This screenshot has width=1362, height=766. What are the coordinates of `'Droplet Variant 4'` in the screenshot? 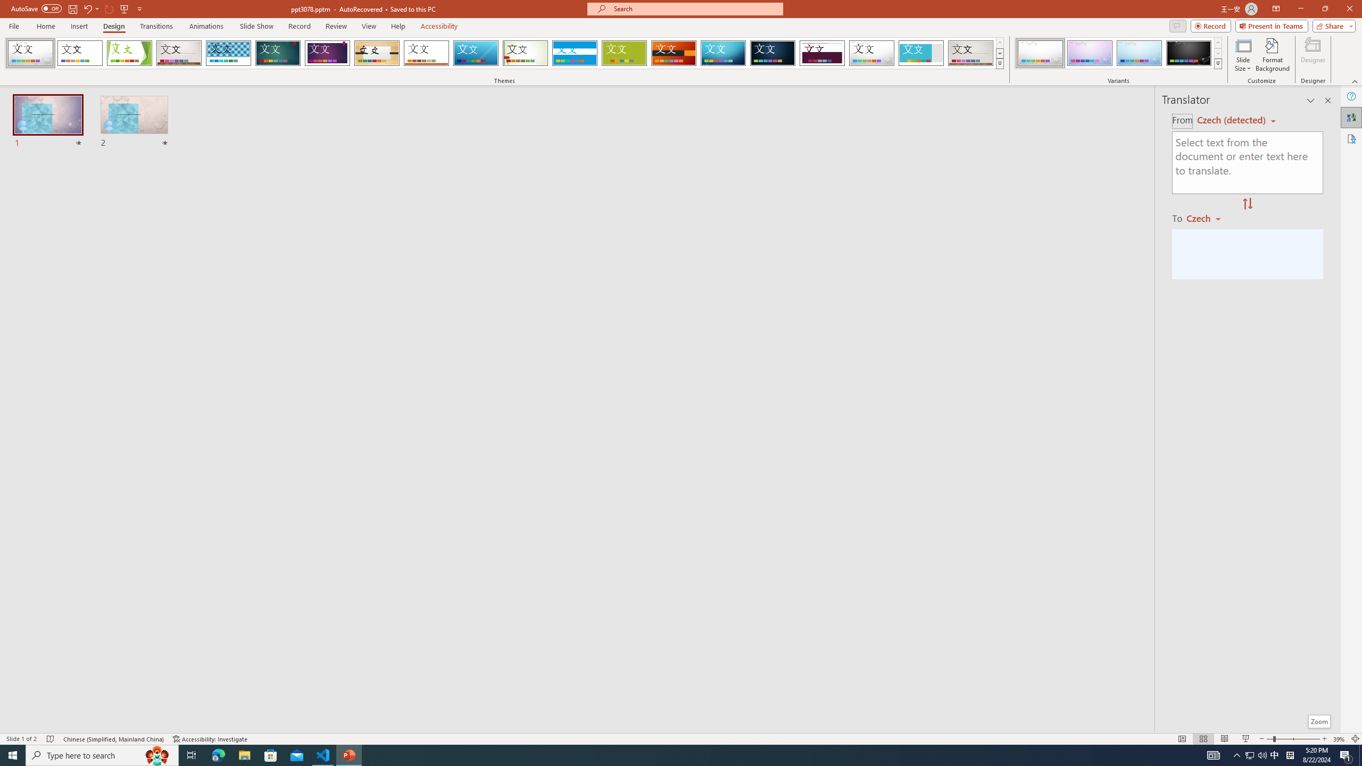 It's located at (1188, 53).